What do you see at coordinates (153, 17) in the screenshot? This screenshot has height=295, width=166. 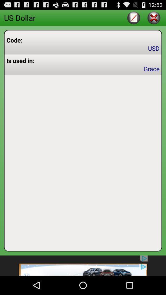 I see `window` at bounding box center [153, 17].